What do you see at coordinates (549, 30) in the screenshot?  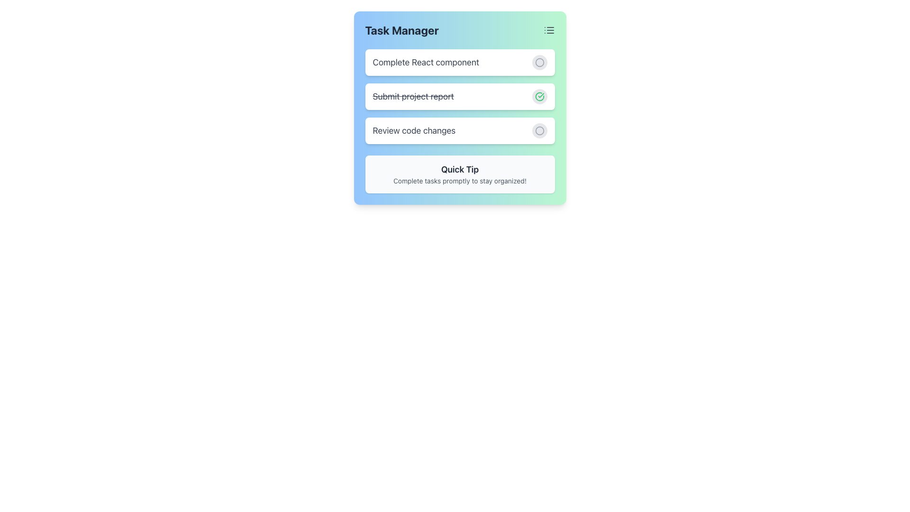 I see `the icon resembling a list or menu with three horizontal lines and three small dots, located in the top-right corner of the task manager interface, to possibly see a tooltip` at bounding box center [549, 30].